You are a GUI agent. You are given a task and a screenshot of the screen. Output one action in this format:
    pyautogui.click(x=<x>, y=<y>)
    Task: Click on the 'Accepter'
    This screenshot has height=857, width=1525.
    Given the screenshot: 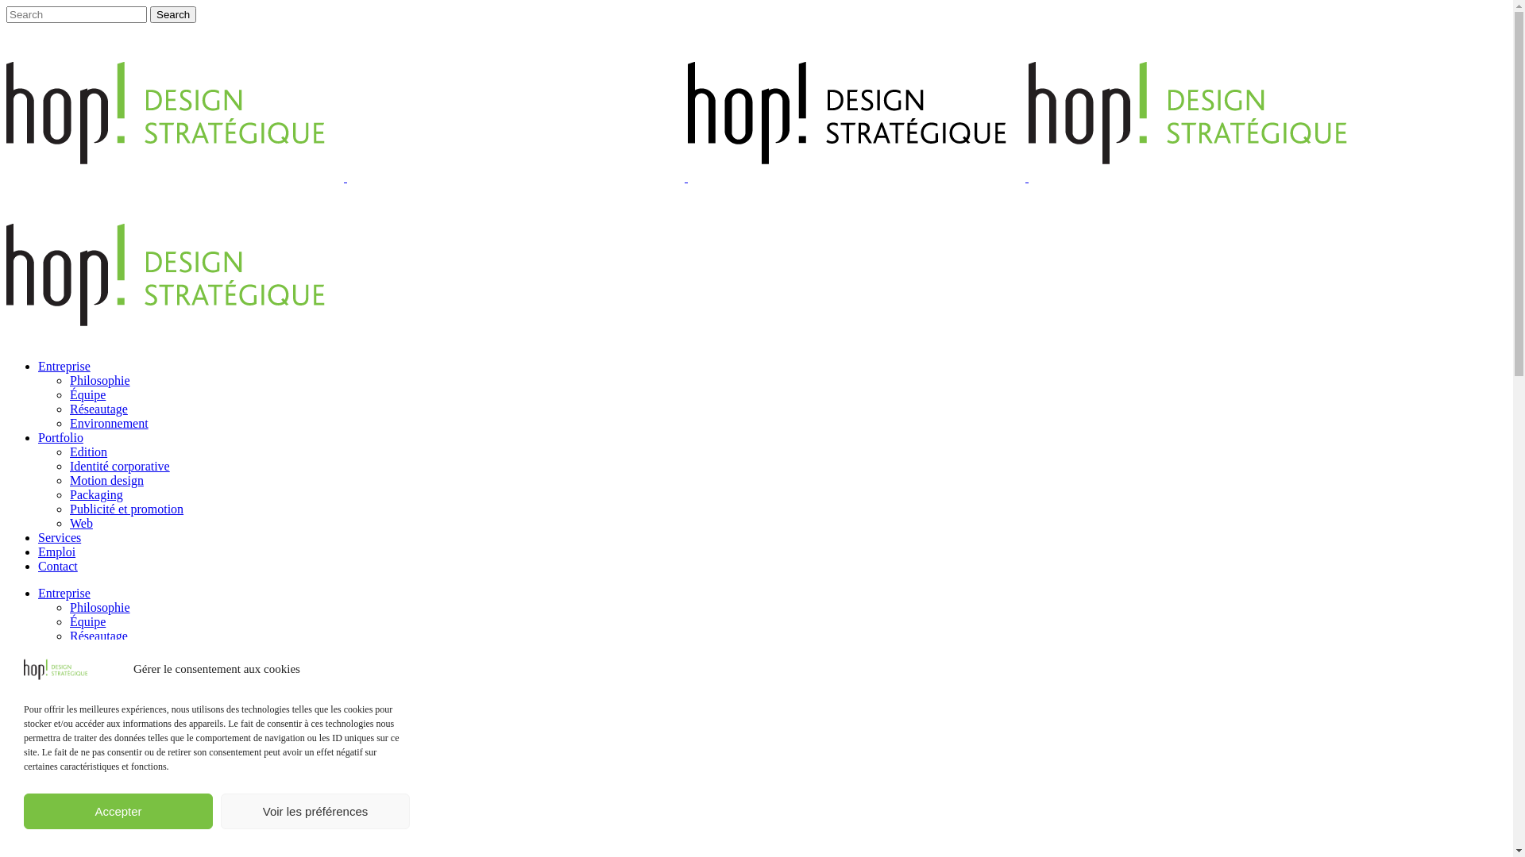 What is the action you would take?
    pyautogui.click(x=117, y=811)
    